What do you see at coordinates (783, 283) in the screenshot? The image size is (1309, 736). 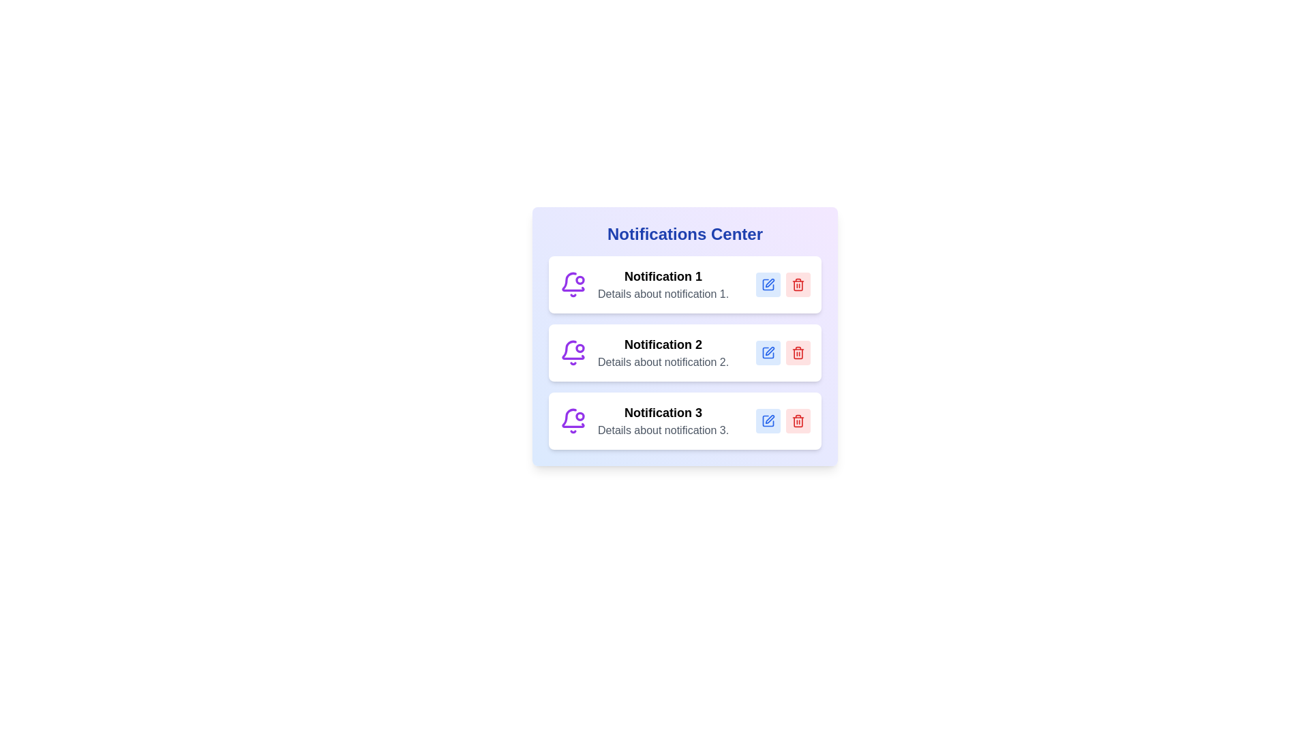 I see `the interactive control group consisting of two buttons for editing and deleting notifications located at the topmost notification card in the notification list` at bounding box center [783, 283].